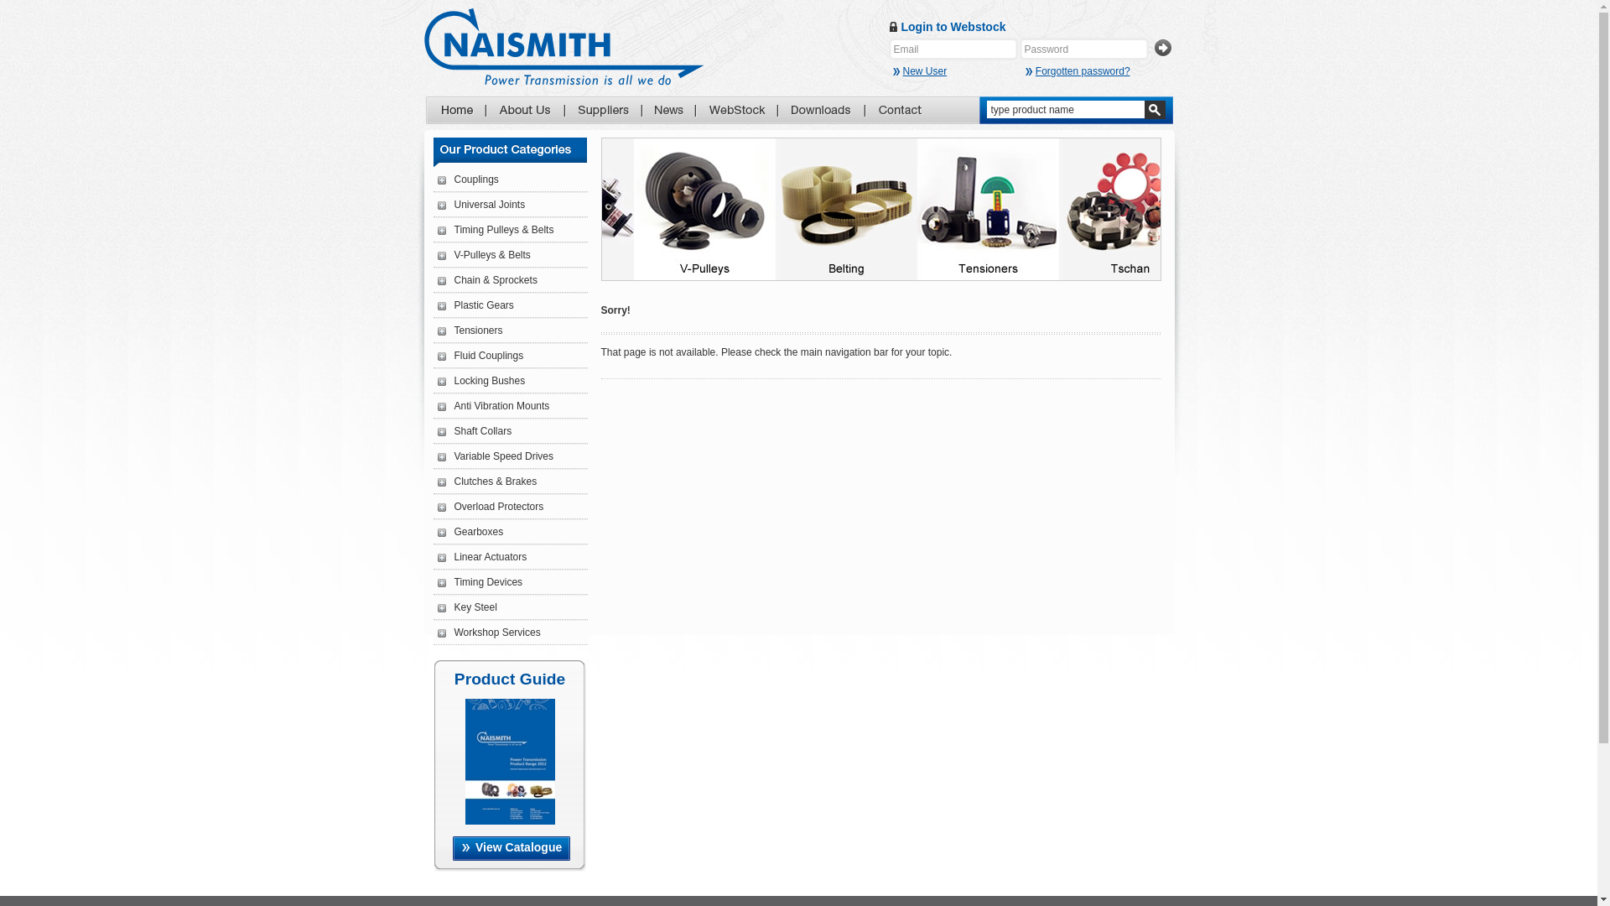  I want to click on 'Plastic Gears', so click(475, 305).